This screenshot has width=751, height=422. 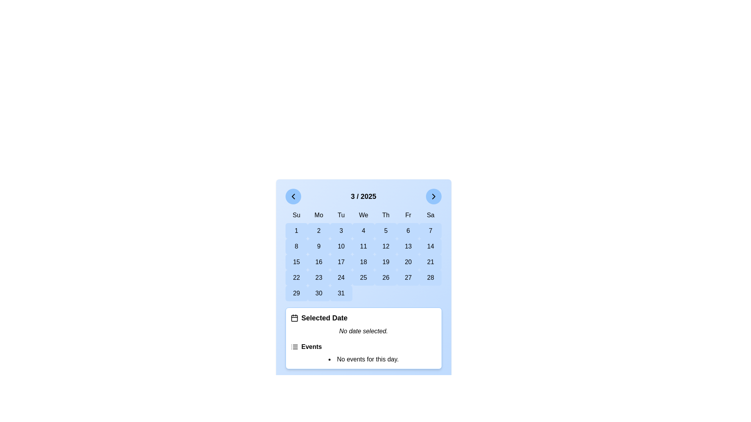 What do you see at coordinates (296, 277) in the screenshot?
I see `the button representing the 22nd day of the month in the calendar view for navigation` at bounding box center [296, 277].